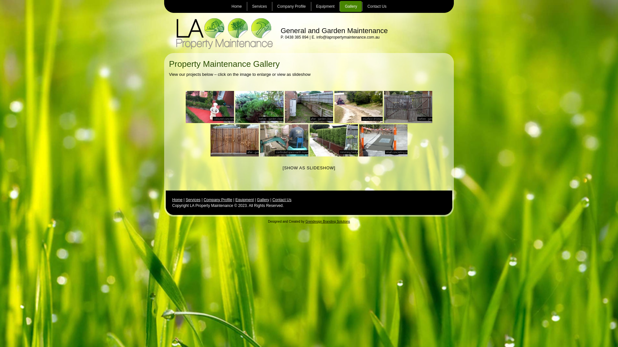 This screenshot has height=347, width=618. Describe the element at coordinates (234, 140) in the screenshot. I see `'la-property-maintenance-fix-gates2'` at that location.